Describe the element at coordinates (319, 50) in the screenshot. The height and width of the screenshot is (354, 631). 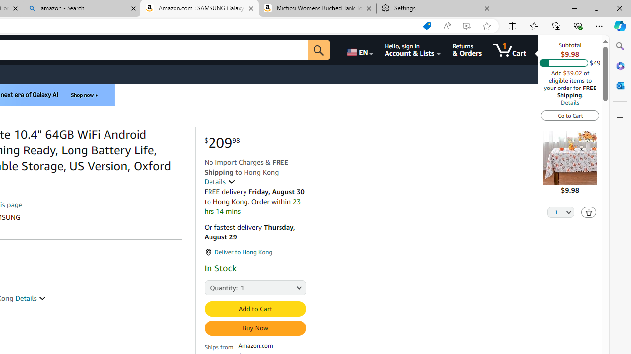
I see `'Go'` at that location.